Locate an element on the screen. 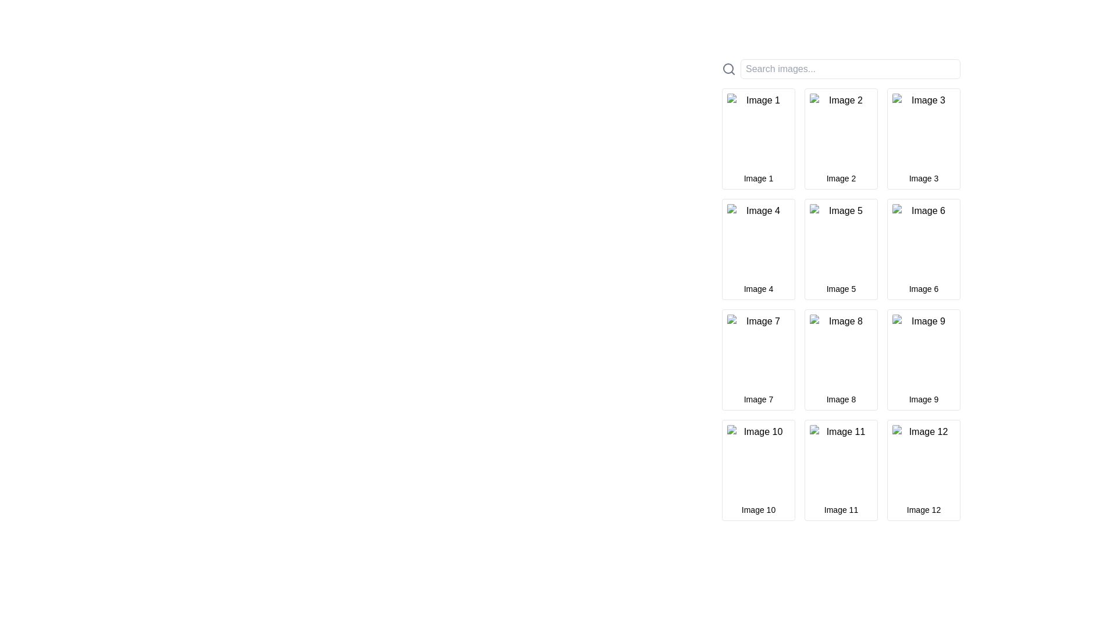 Image resolution: width=1117 pixels, height=628 pixels. the text label displaying 'Image 6', which is located below the corresponding thumbnail image in the sixth column of the grid layout is located at coordinates (923, 288).